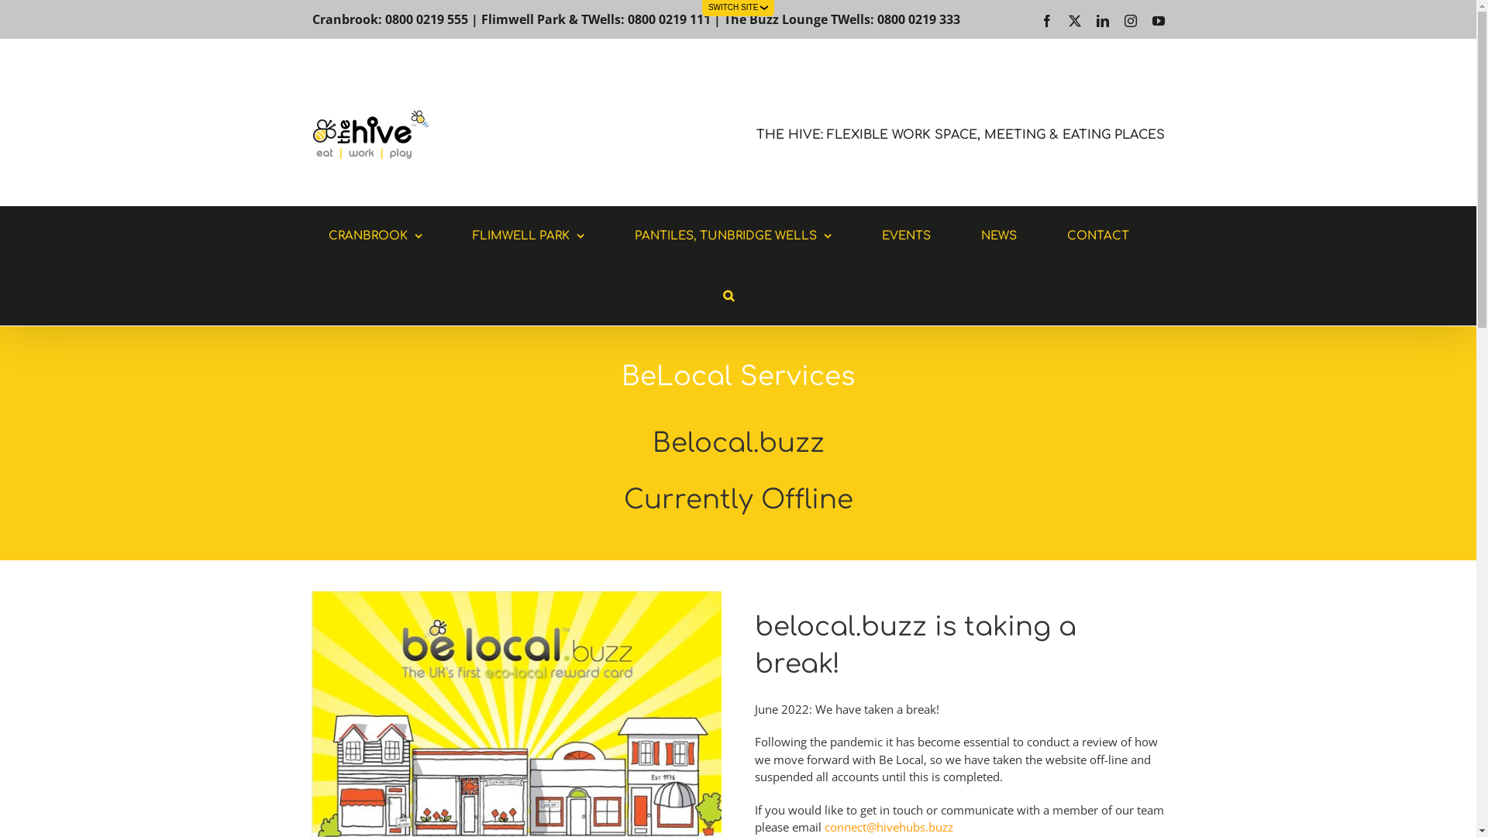 This screenshot has height=837, width=1488. I want to click on 'YouTube', so click(1157, 21).